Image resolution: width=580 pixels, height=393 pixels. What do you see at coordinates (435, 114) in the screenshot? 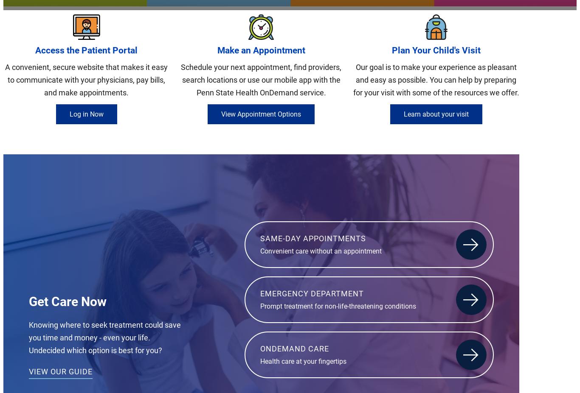
I see `'Learn about your visit'` at bounding box center [435, 114].